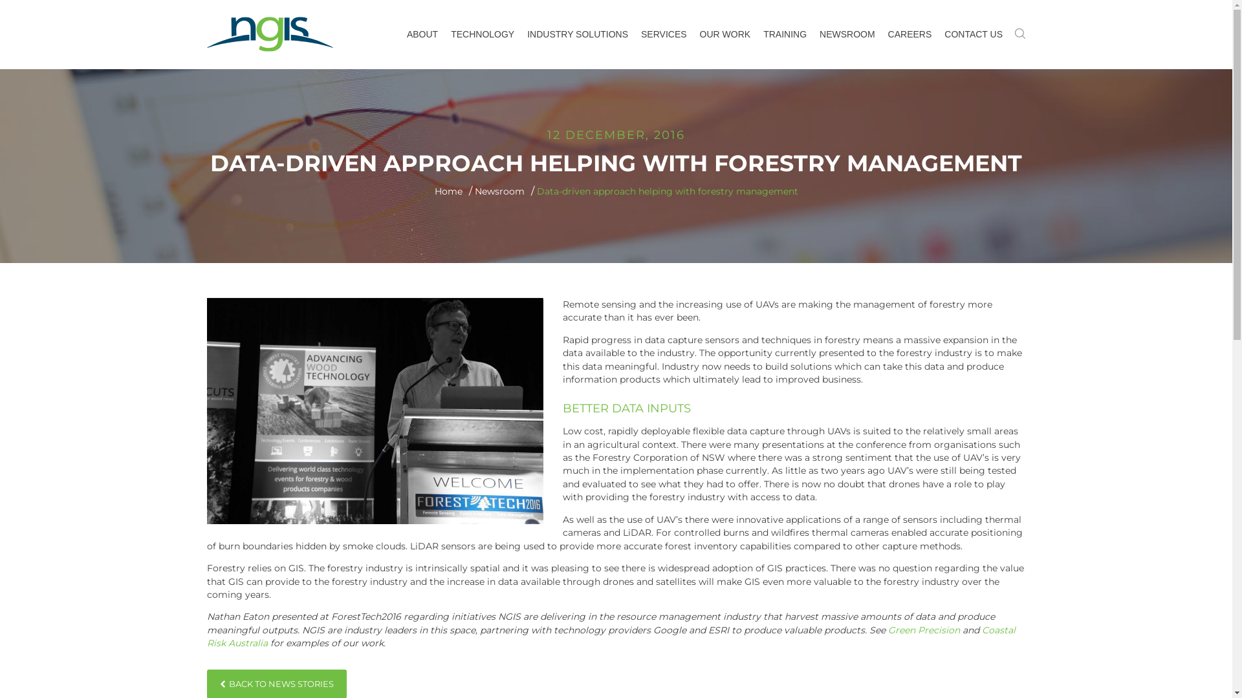  I want to click on 'Home', so click(435, 191).